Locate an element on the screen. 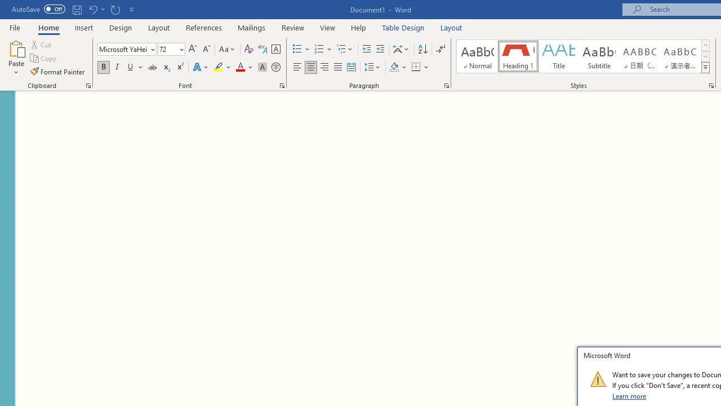 The width and height of the screenshot is (721, 406). 'Undo Grow Font' is located at coordinates (96, 9).